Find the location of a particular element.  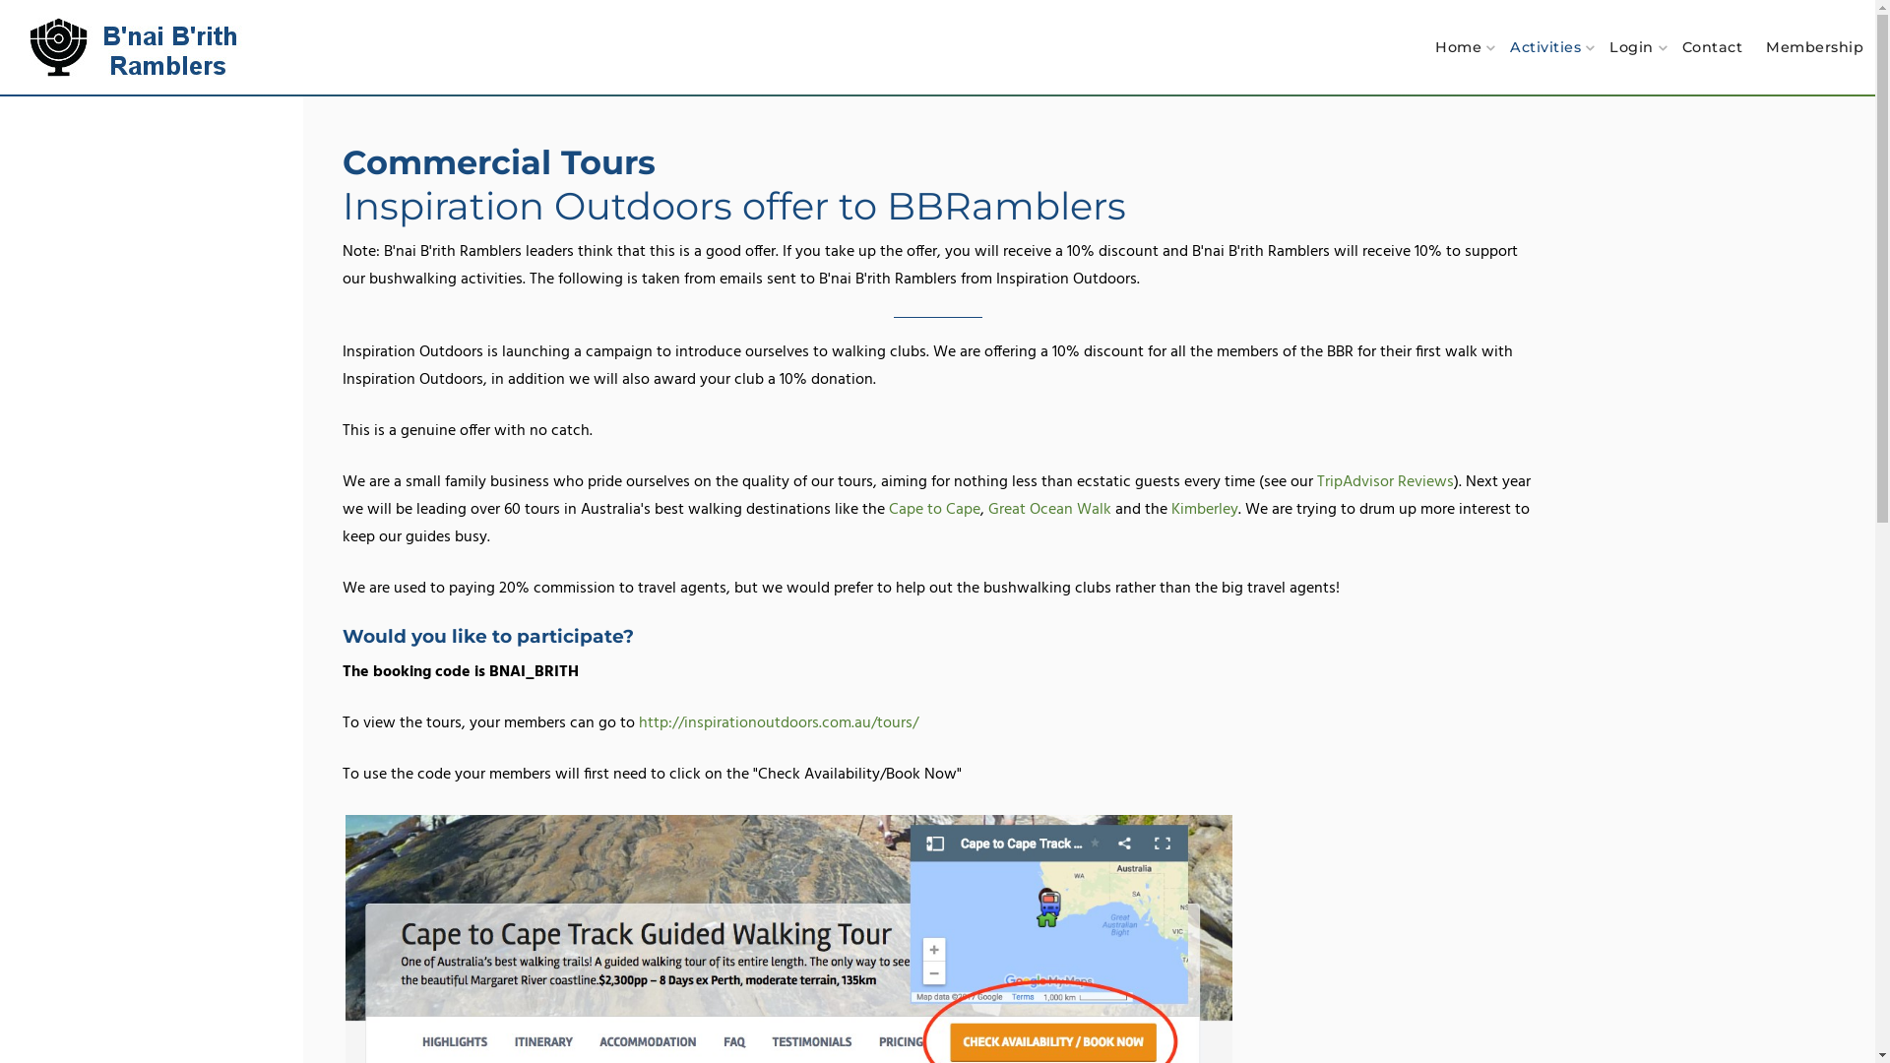

'Contact' is located at coordinates (1710, 45).